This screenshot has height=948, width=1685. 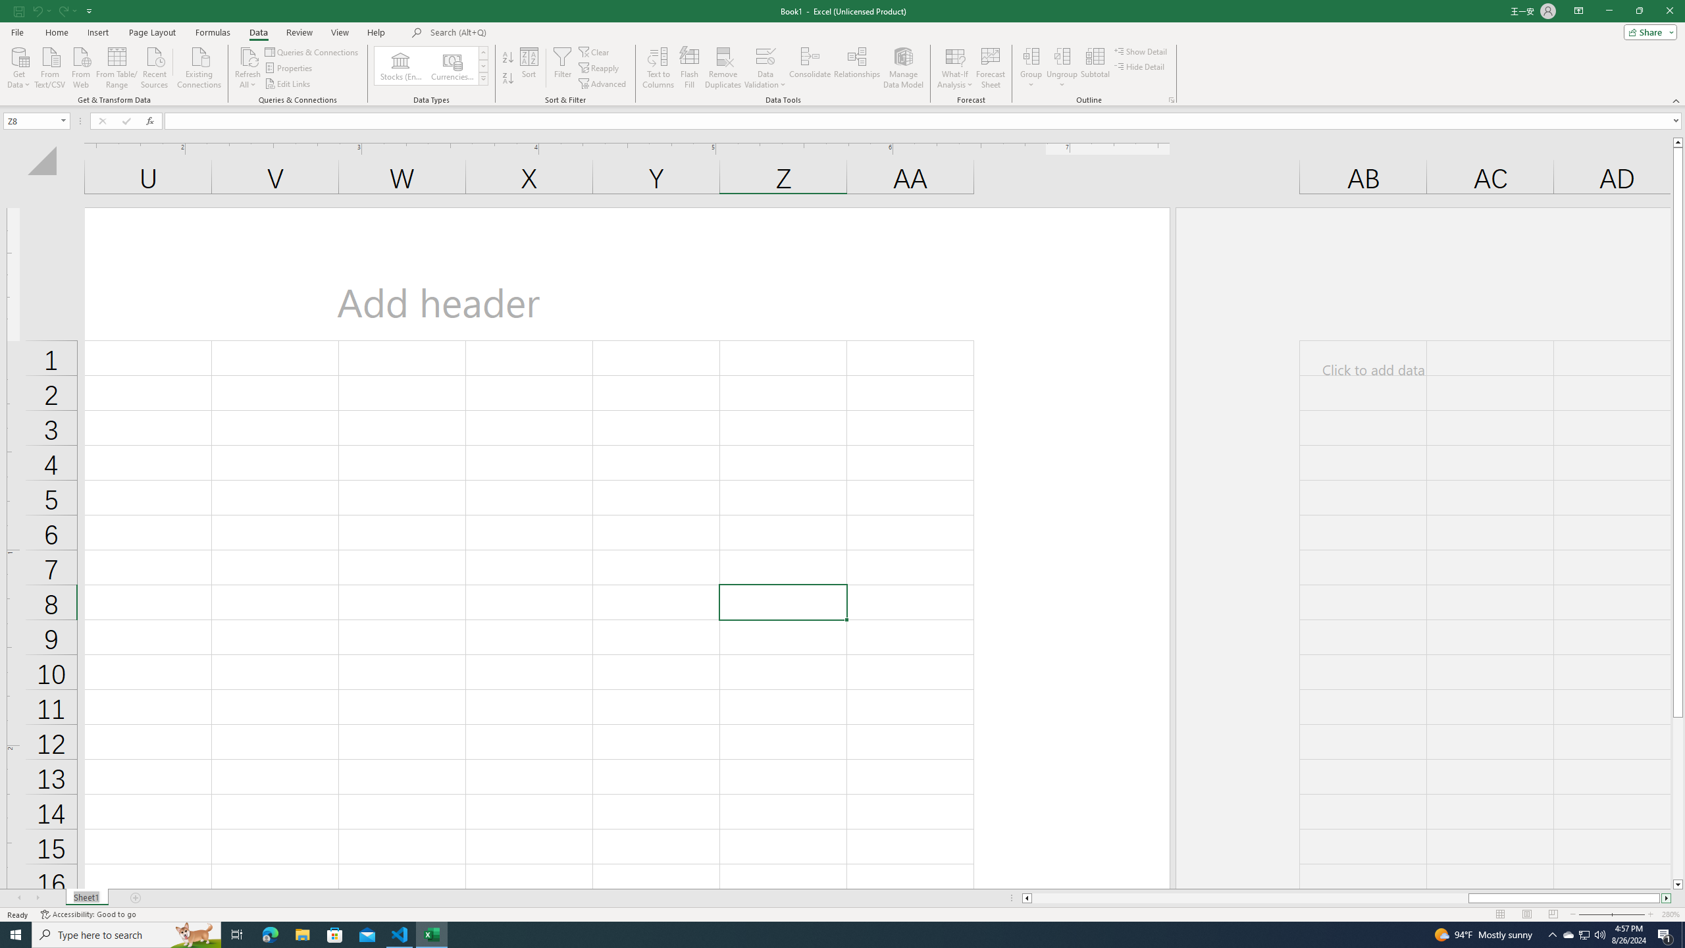 What do you see at coordinates (1669, 11) in the screenshot?
I see `'Close'` at bounding box center [1669, 11].